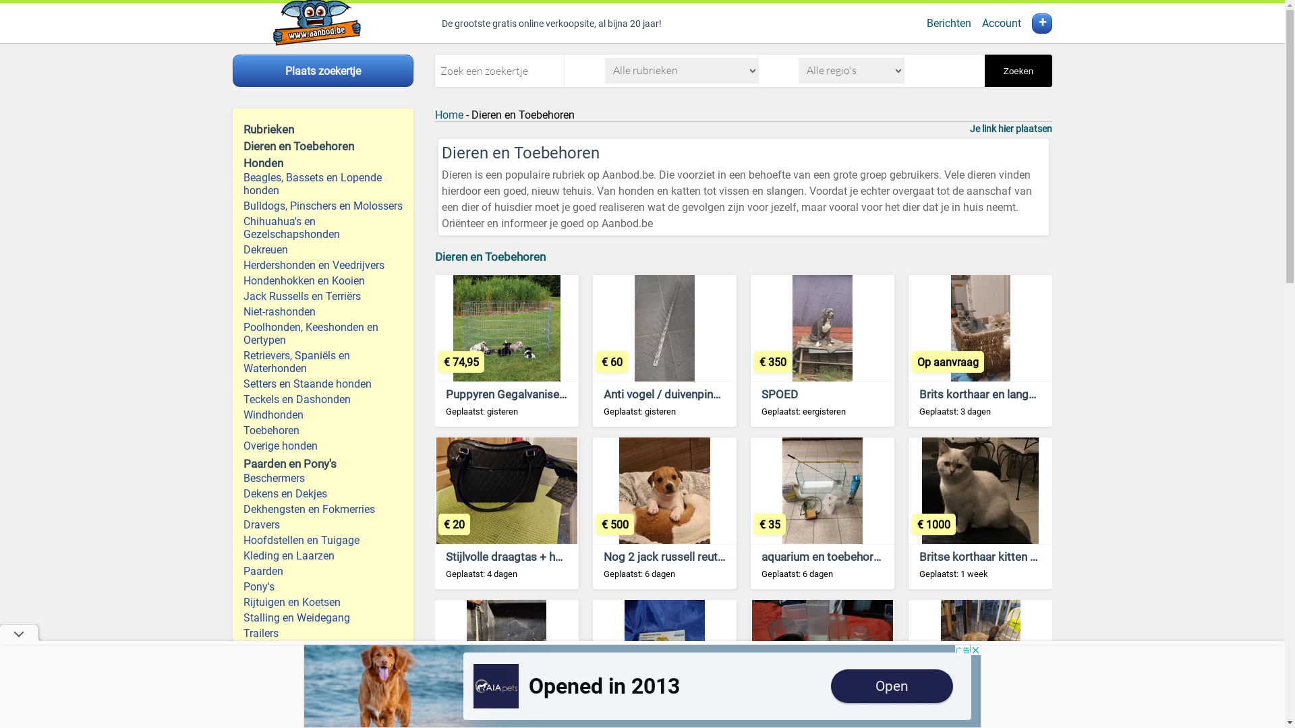 The width and height of the screenshot is (1295, 728). Describe the element at coordinates (322, 539) in the screenshot. I see `'Hoofdstellen en Tuigage'` at that location.